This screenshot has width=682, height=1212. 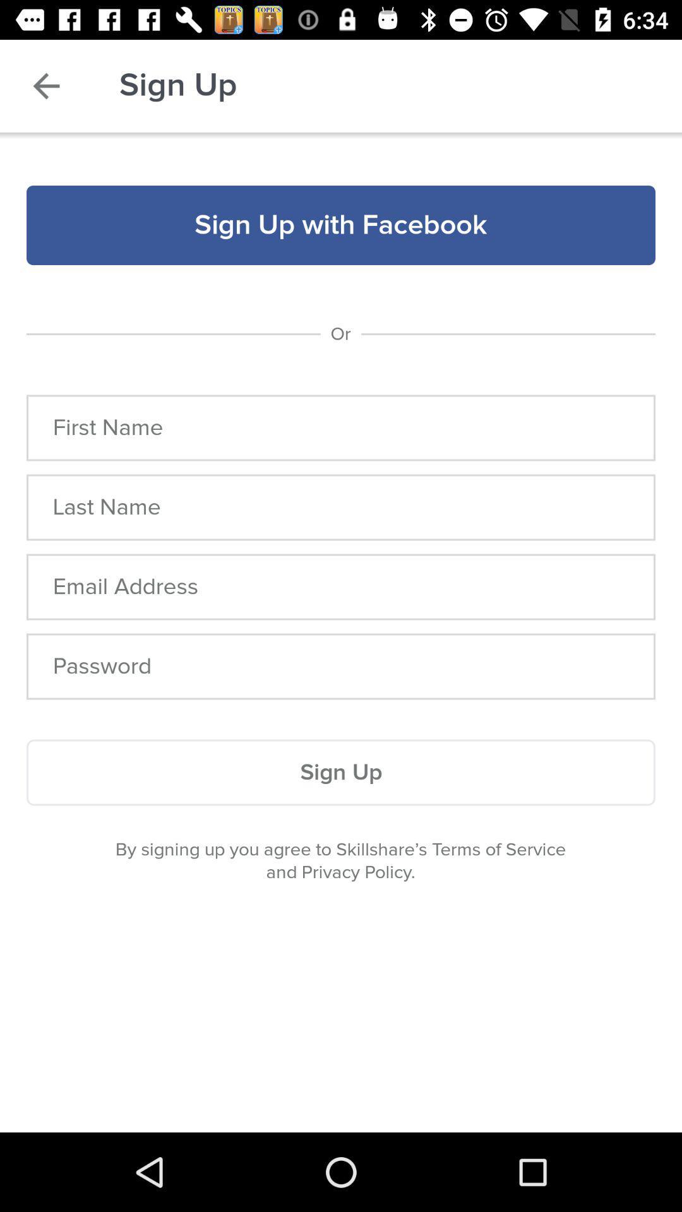 I want to click on open field to enter email address, so click(x=341, y=586).